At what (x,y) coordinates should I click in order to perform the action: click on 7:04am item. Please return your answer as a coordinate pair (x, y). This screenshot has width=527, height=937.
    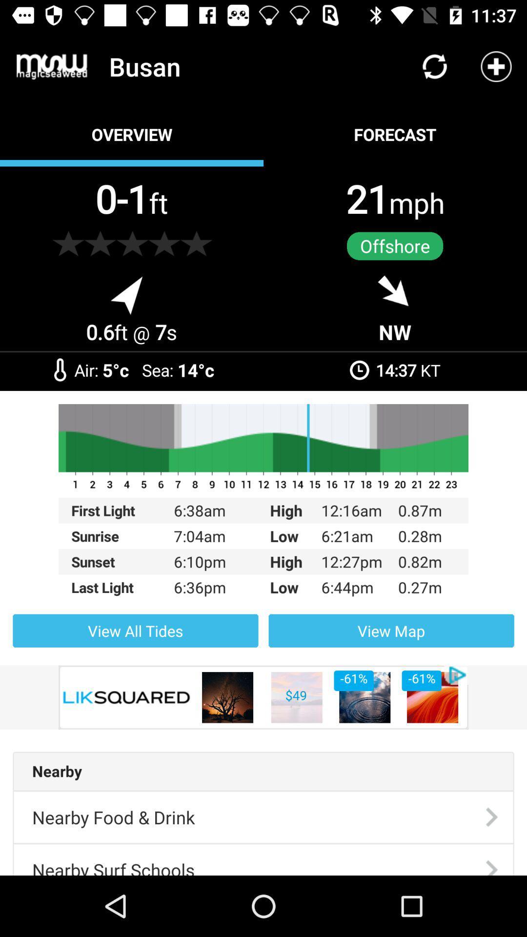
    Looking at the image, I should click on (208, 535).